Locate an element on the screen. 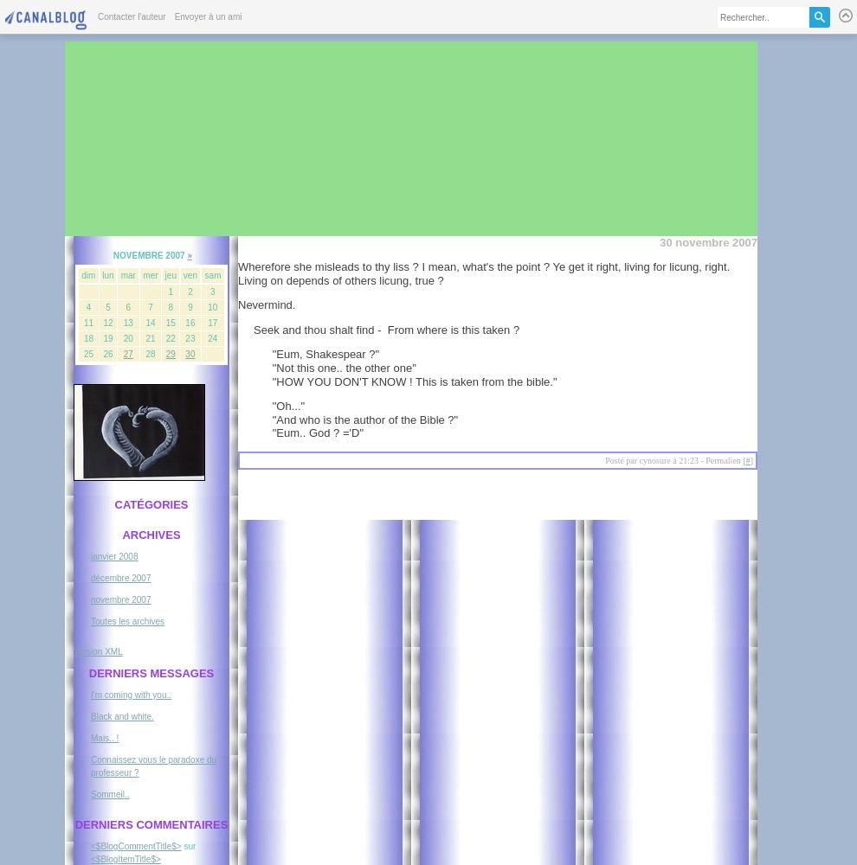 Image resolution: width=857 pixels, height=865 pixels. '24' is located at coordinates (206, 338).